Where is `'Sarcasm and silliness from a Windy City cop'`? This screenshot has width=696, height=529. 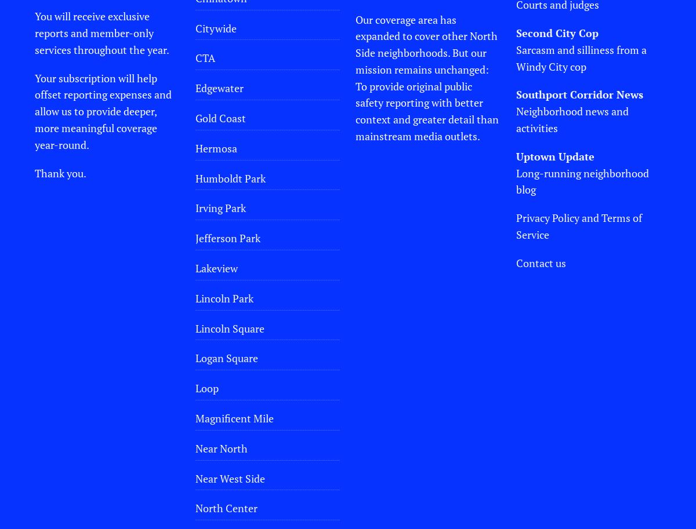
'Sarcasm and silliness from a Windy City cop' is located at coordinates (581, 57).